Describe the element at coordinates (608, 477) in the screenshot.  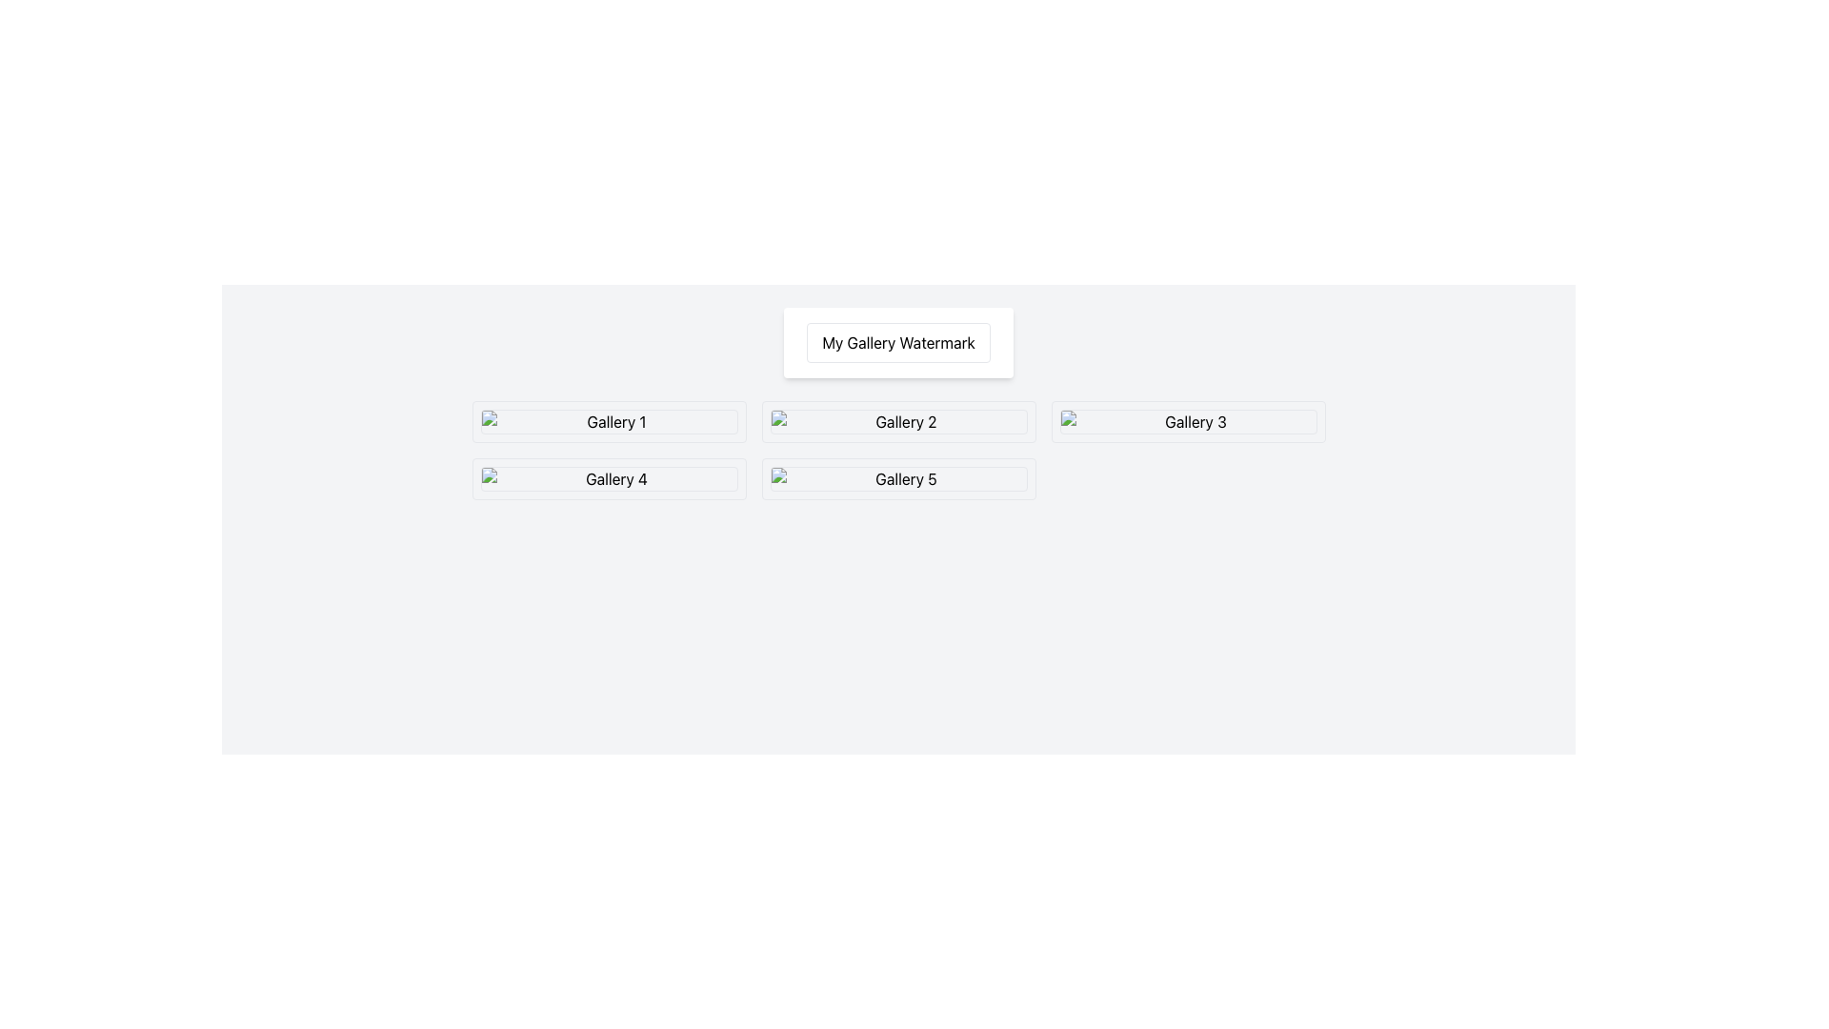
I see `the image placeholder icon labeled 'Gallery 4', which has a document icon and a green hill symbol, located in the second row of the gallery grid` at that location.